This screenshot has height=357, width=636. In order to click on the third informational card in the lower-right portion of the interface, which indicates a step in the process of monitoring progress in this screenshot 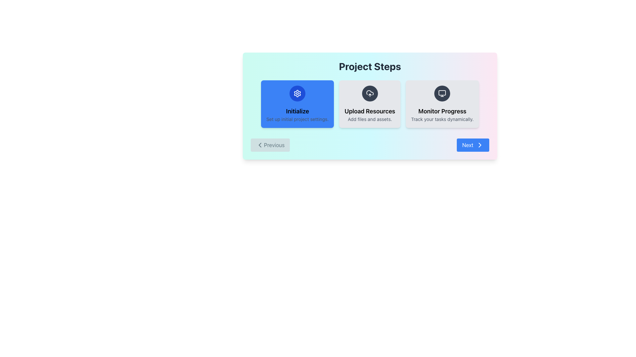, I will do `click(442, 104)`.